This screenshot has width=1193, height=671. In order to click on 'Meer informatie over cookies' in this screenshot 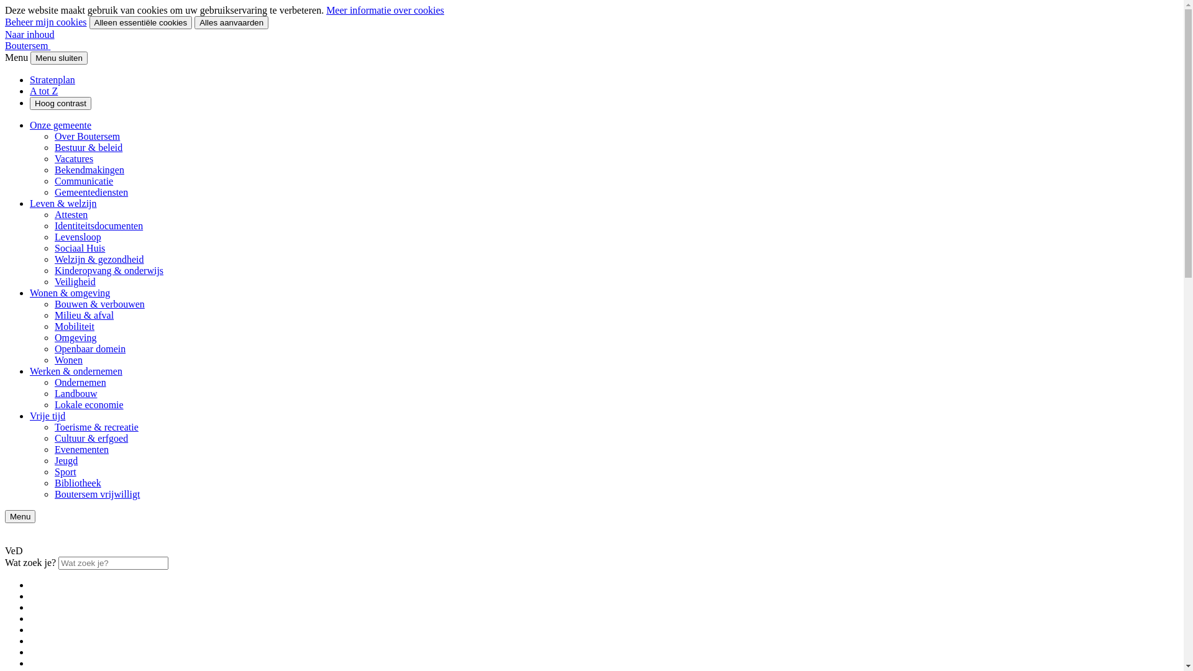, I will do `click(384, 10)`.